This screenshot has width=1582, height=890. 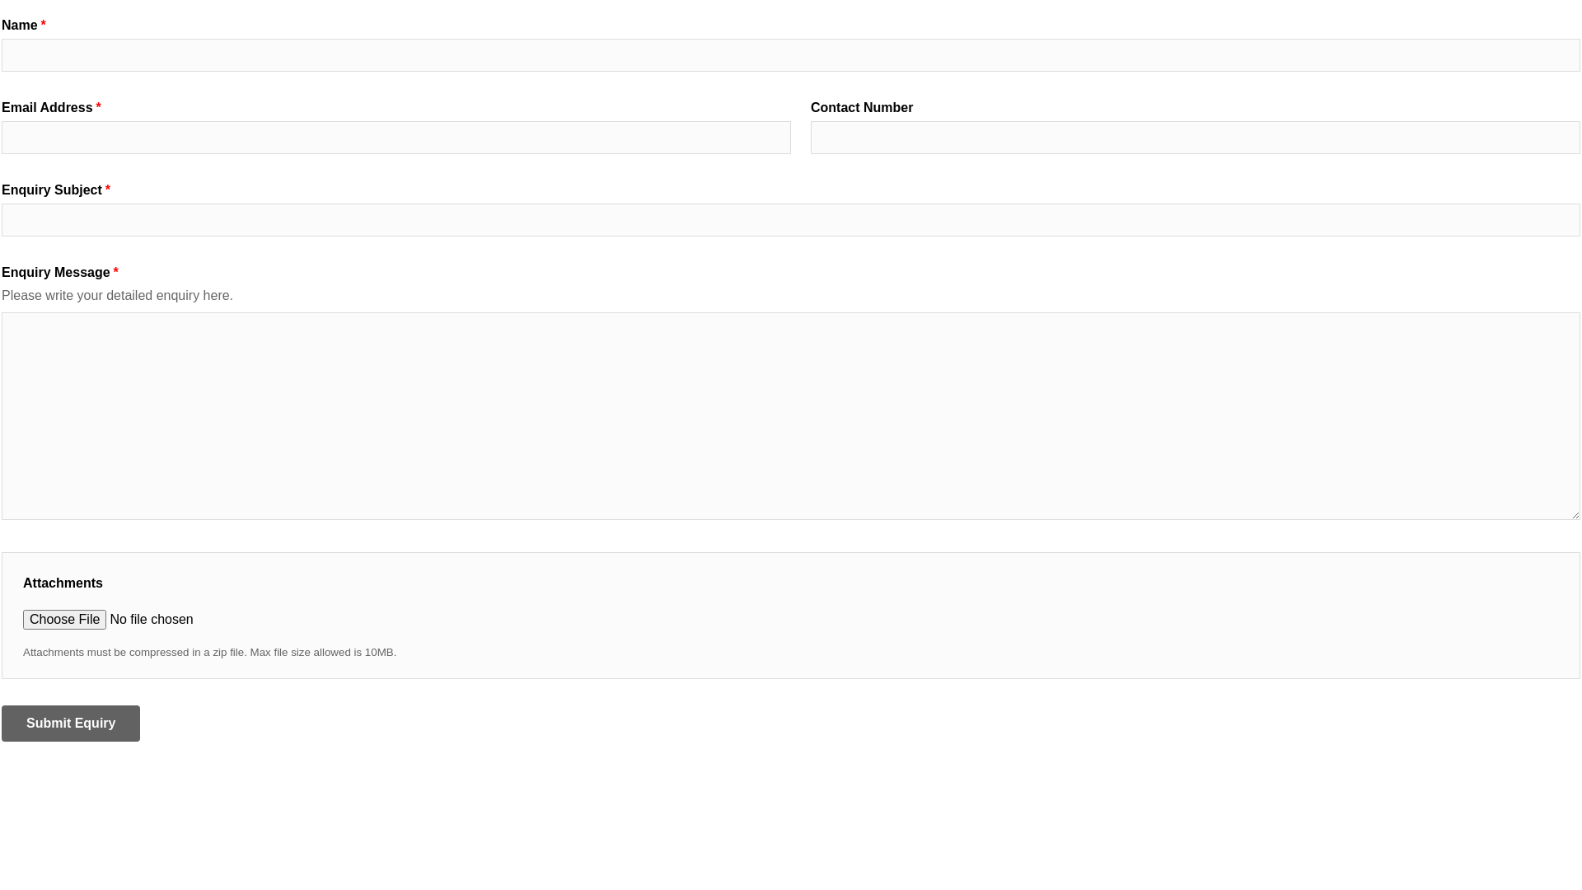 I want to click on 'Submit Equiry', so click(x=70, y=723).